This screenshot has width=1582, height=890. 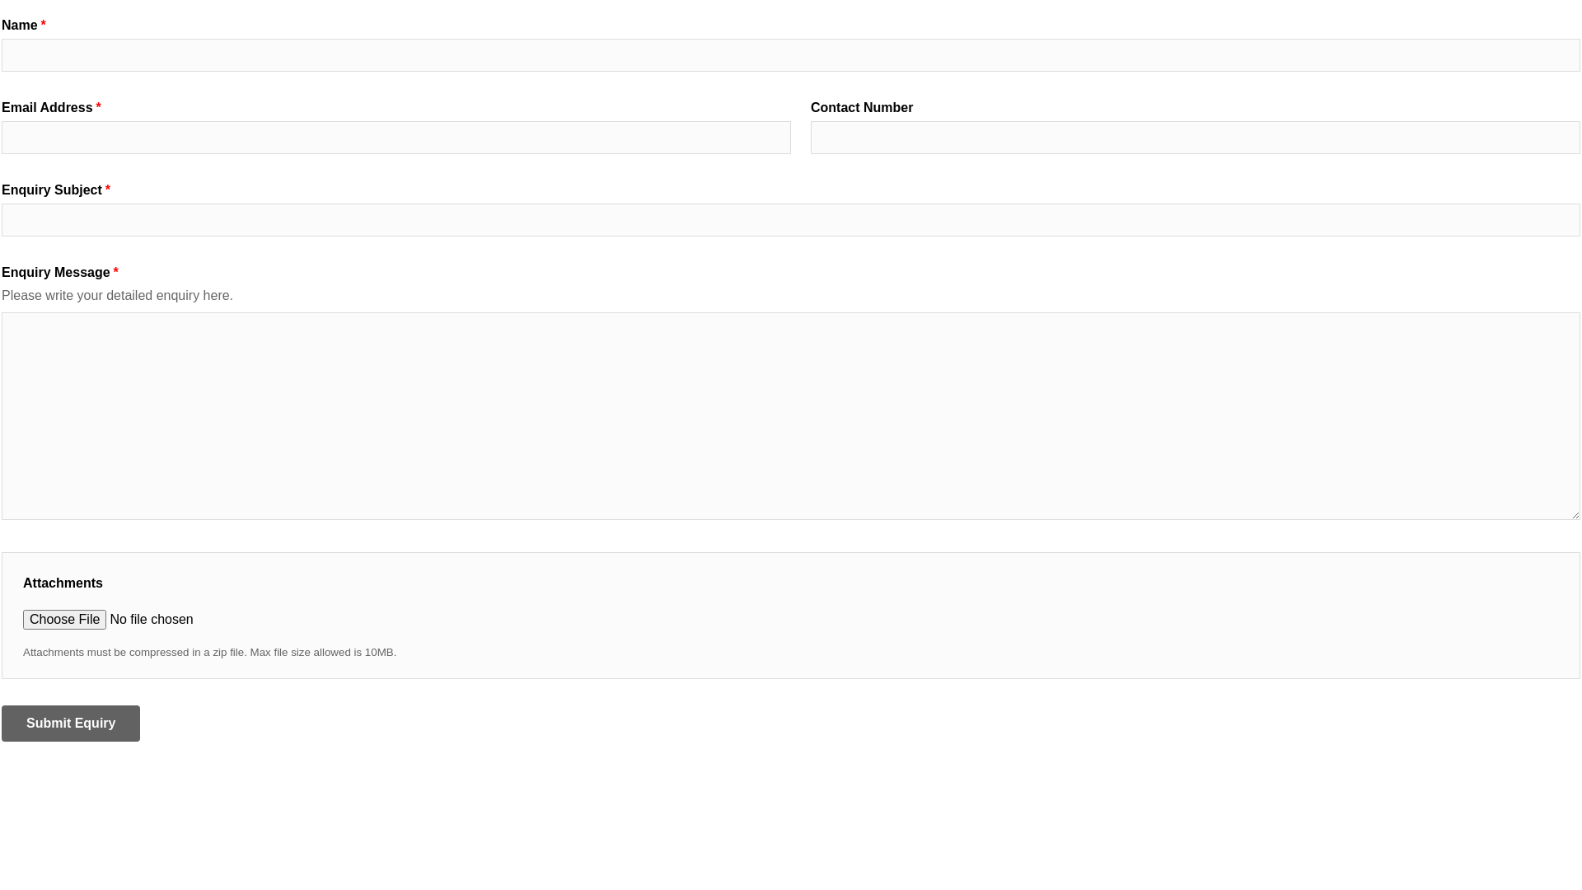 I want to click on 'Submit Equiry', so click(x=70, y=723).